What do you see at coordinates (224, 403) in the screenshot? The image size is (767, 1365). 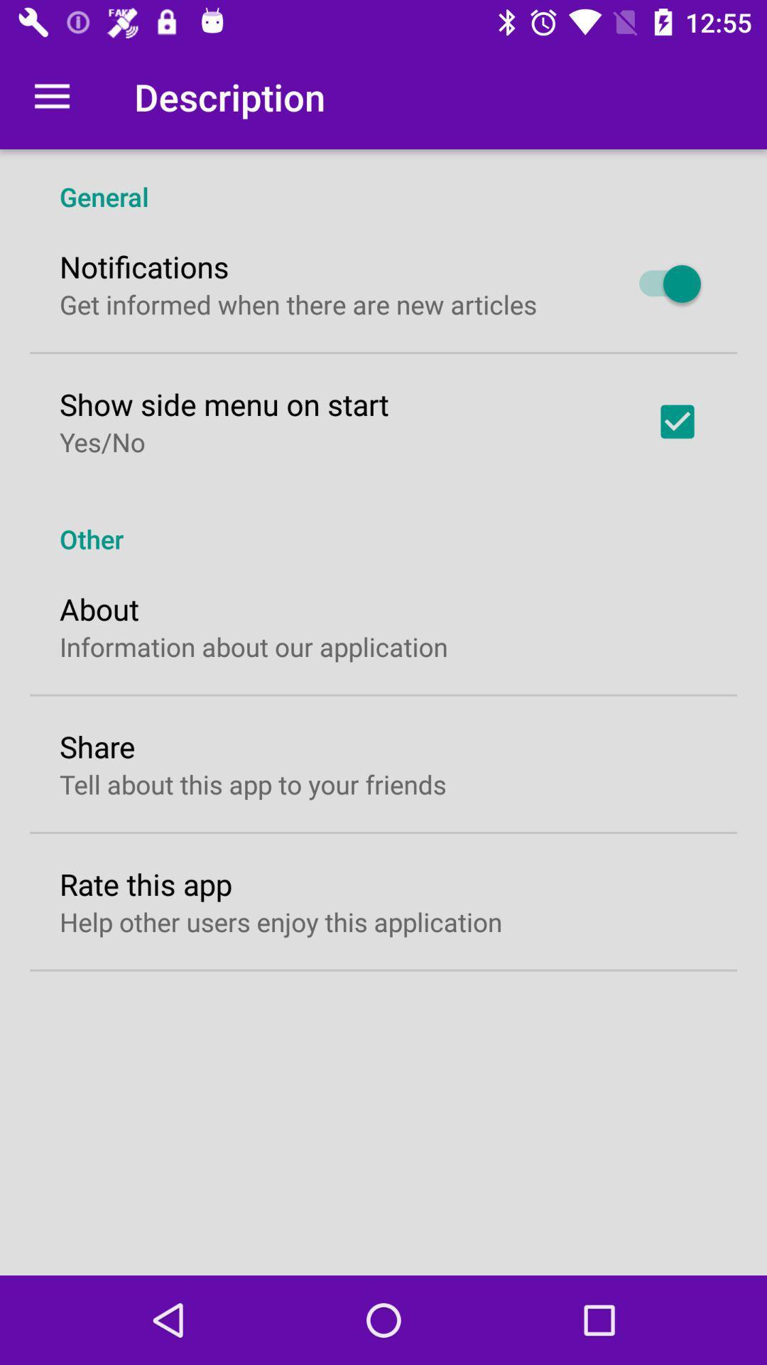 I see `show side menu item` at bounding box center [224, 403].